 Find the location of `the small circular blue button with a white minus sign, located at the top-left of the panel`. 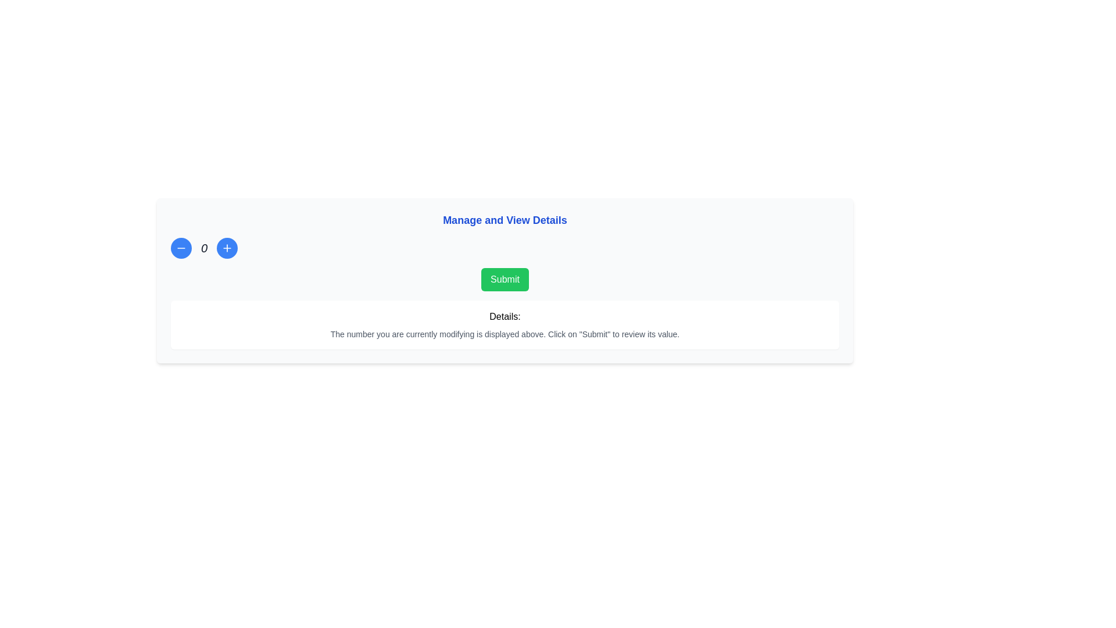

the small circular blue button with a white minus sign, located at the top-left of the panel is located at coordinates (181, 248).